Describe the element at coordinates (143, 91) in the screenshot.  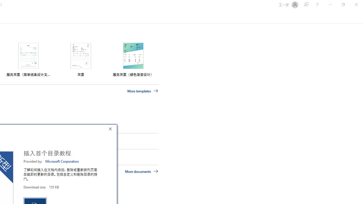
I see `'More templates'` at that location.